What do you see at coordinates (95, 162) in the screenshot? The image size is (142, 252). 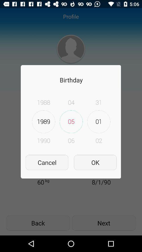 I see `ok icon` at bounding box center [95, 162].